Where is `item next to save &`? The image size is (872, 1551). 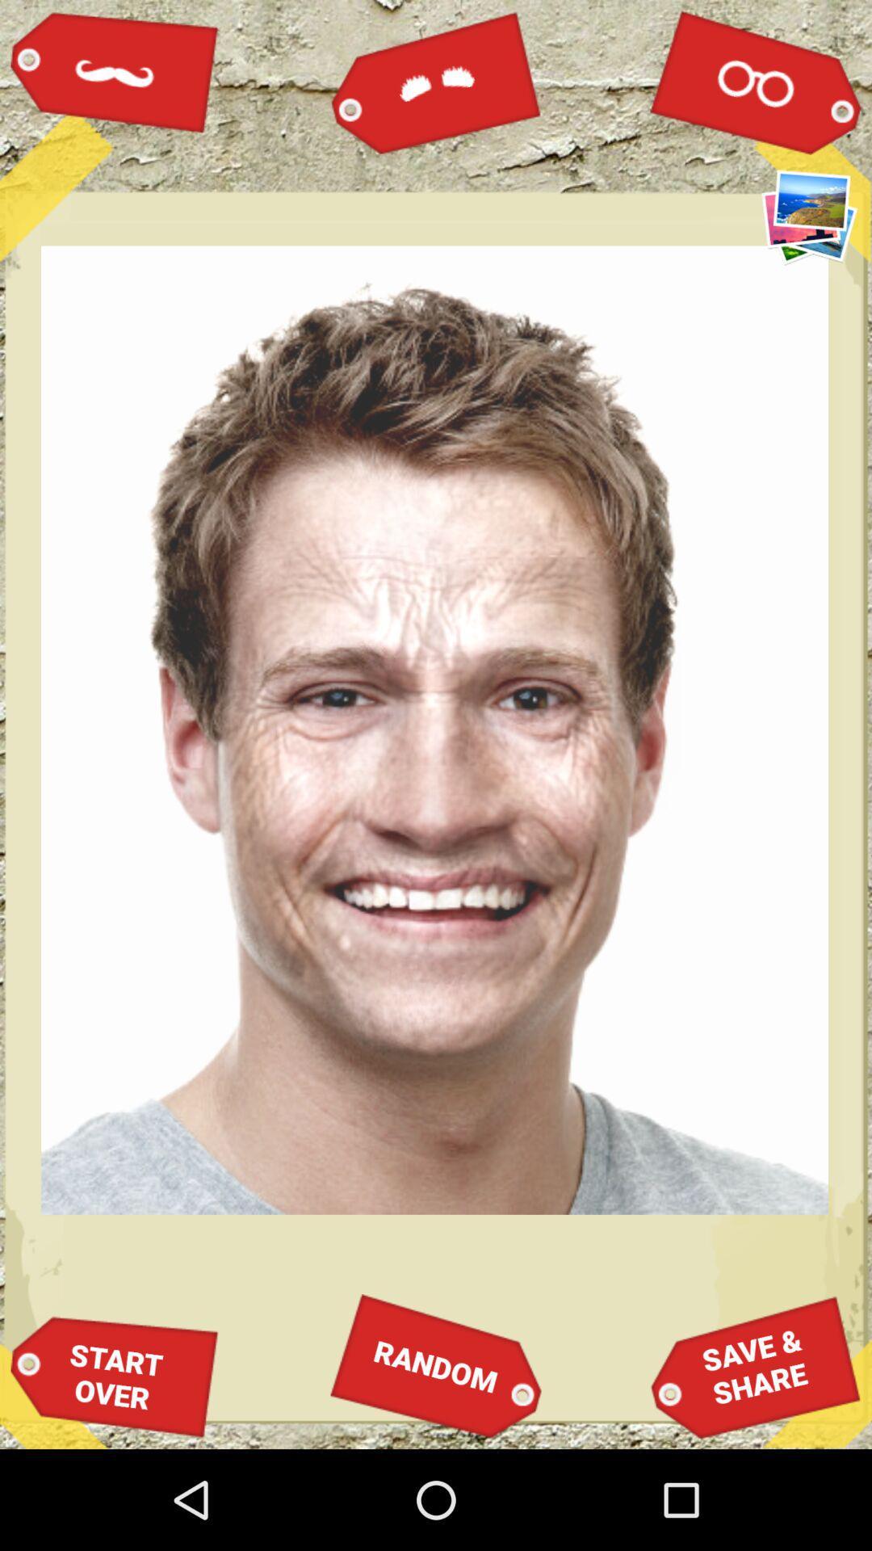 item next to save & is located at coordinates (436, 1365).